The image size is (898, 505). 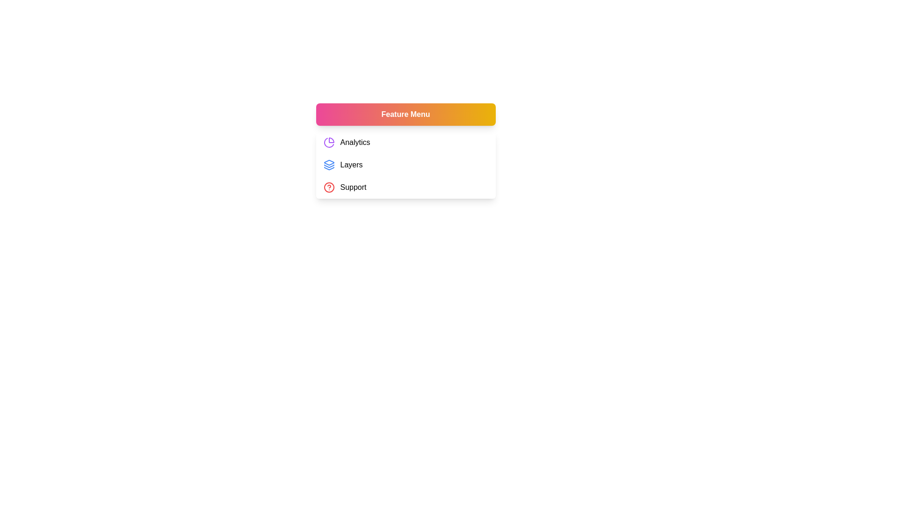 What do you see at coordinates (406, 114) in the screenshot?
I see `the 'Feature Menu' button to toggle the menu visibility` at bounding box center [406, 114].